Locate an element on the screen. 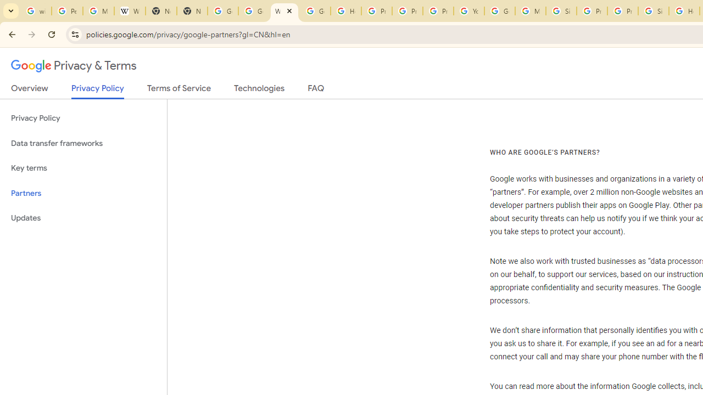 The width and height of the screenshot is (703, 395). 'YouTube' is located at coordinates (468, 11).